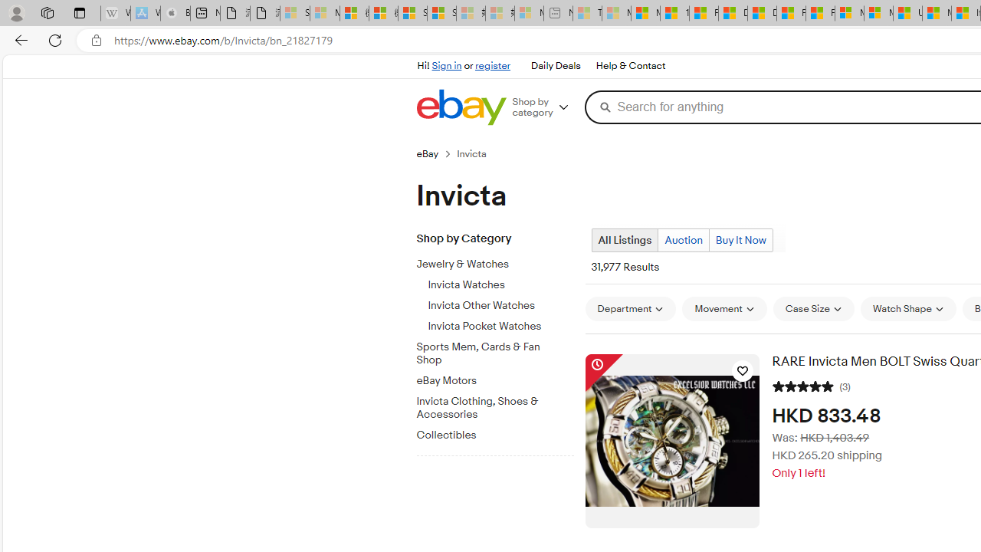 The image size is (981, 552). Describe the element at coordinates (493, 65) in the screenshot. I see `'register'` at that location.